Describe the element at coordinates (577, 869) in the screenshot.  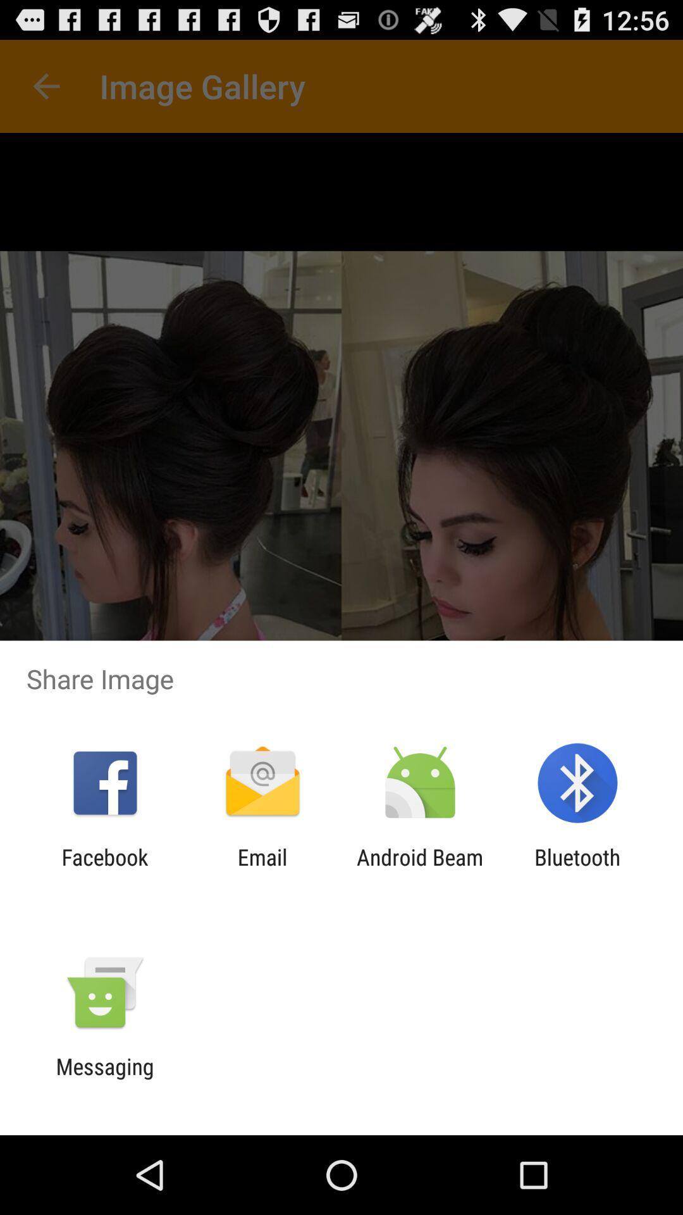
I see `app next to the android beam app` at that location.